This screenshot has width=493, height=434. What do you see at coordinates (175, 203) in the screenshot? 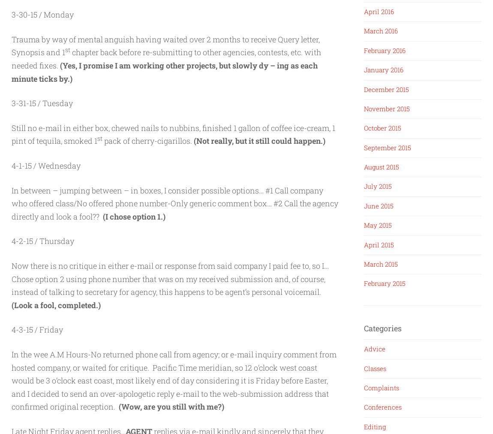
I see `'In between – jumping between – in boxes, I consider possible options… #1 Call company who offered class/No offered phone number-Only generic comment box… #2 Call the agency directly and look a fool??'` at bounding box center [175, 203].